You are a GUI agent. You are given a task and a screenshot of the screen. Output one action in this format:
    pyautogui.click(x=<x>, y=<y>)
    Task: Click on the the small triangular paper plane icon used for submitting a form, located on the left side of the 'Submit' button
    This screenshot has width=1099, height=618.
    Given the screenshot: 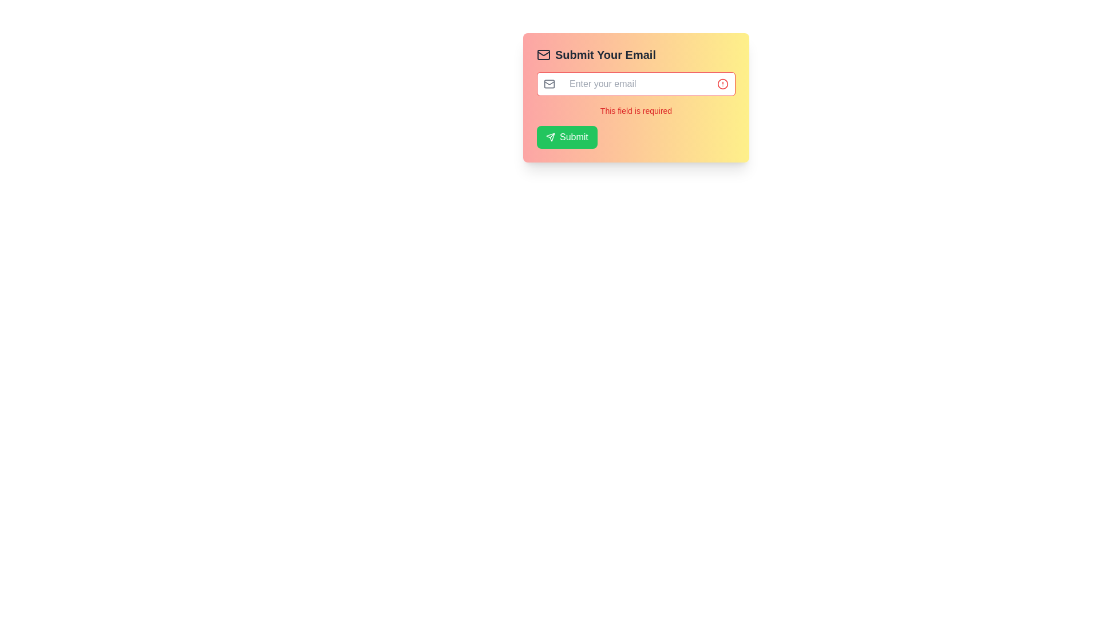 What is the action you would take?
    pyautogui.click(x=550, y=136)
    